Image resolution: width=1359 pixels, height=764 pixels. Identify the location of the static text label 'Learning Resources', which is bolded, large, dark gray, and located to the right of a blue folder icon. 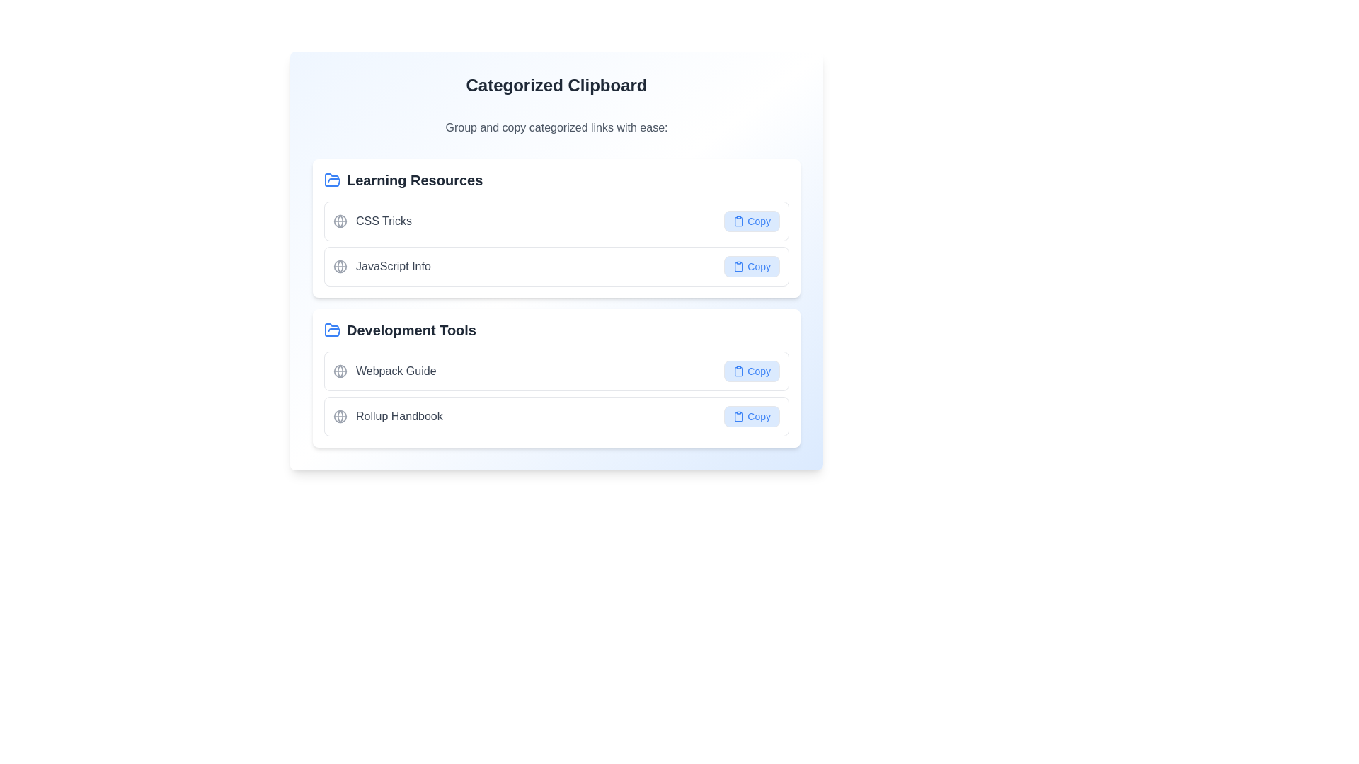
(414, 179).